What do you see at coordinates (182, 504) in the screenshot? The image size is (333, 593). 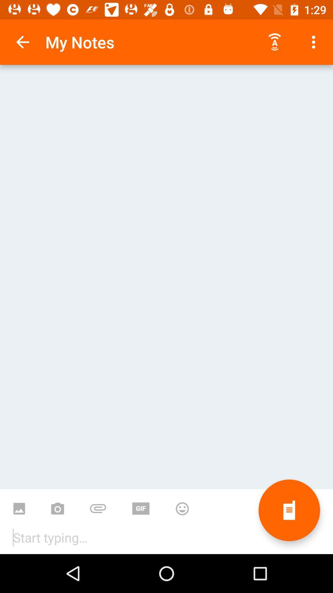 I see `the emoji icon` at bounding box center [182, 504].